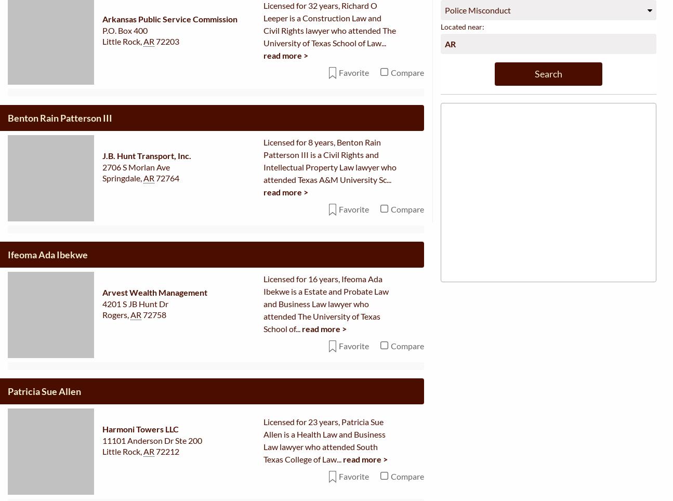  I want to click on 'Guidelines for creating a new profile', so click(193, 405).